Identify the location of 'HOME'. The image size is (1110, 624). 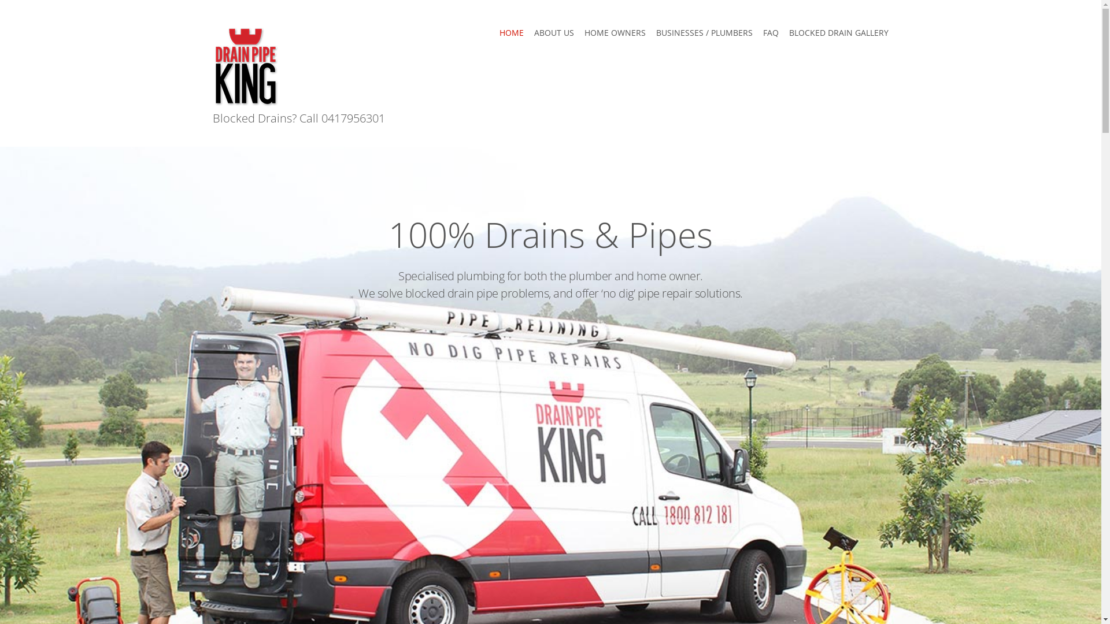
(510, 32).